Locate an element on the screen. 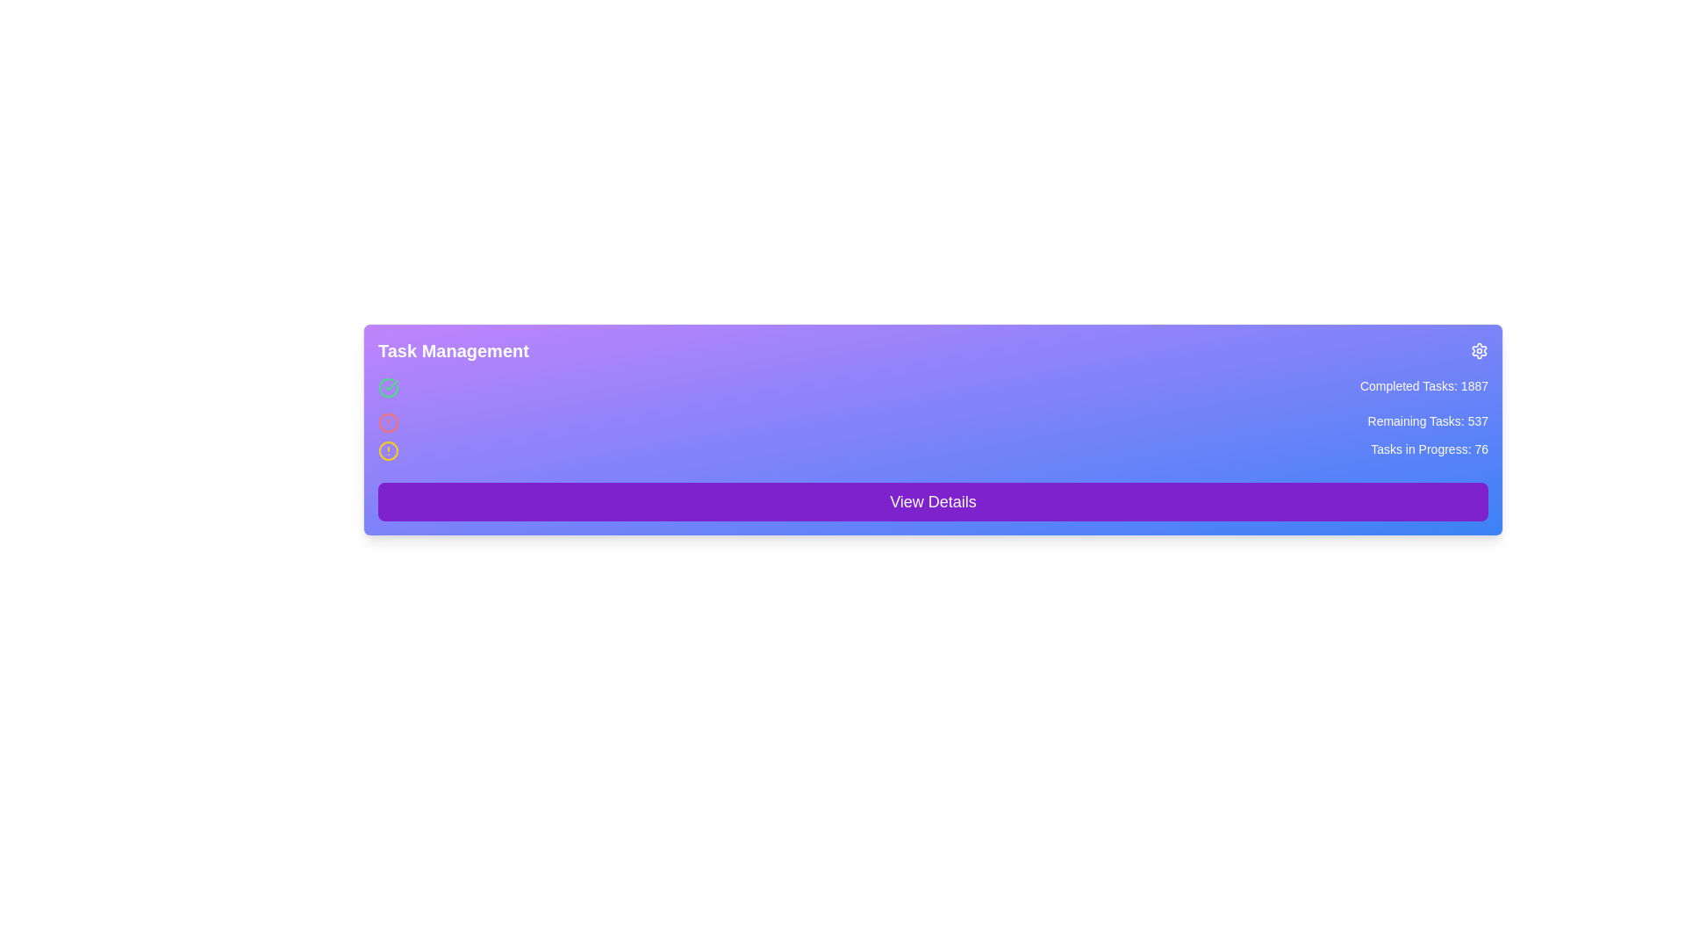  the middle icon in the vertical arrangement of three icons on the left side of the purple gradient interface is located at coordinates (387, 423).